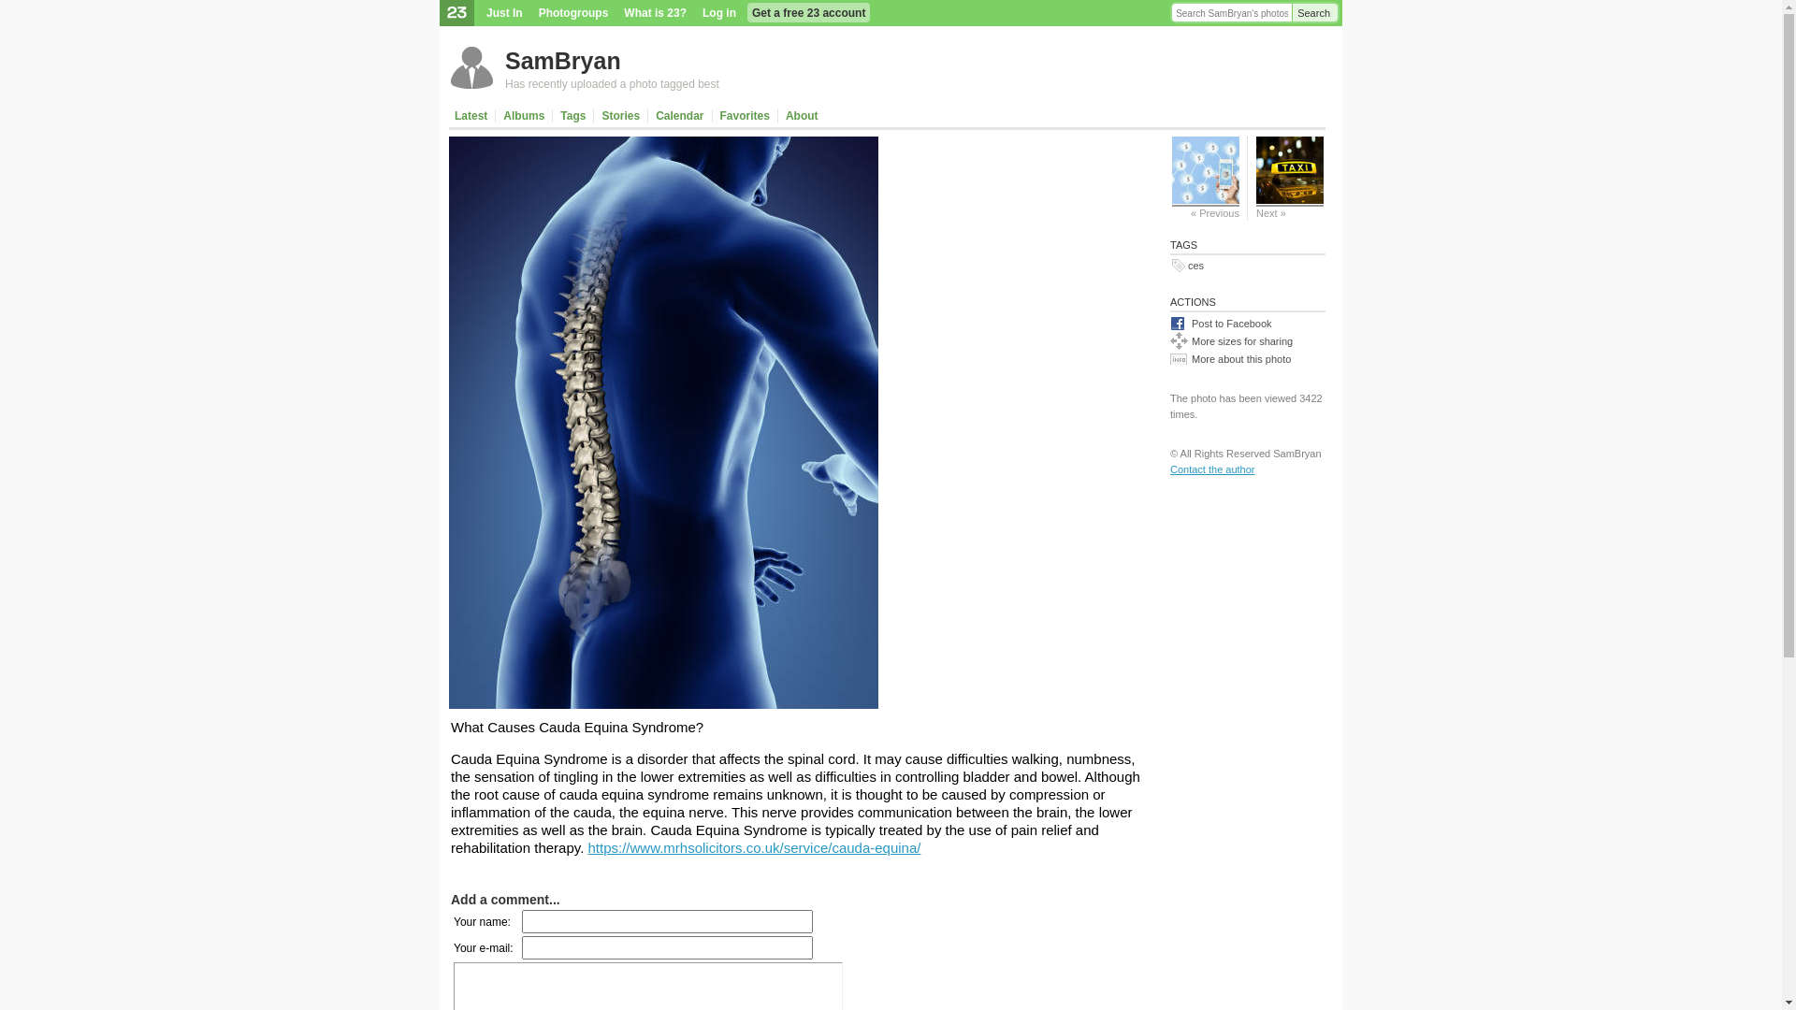  Describe the element at coordinates (1195, 266) in the screenshot. I see `'ces'` at that location.